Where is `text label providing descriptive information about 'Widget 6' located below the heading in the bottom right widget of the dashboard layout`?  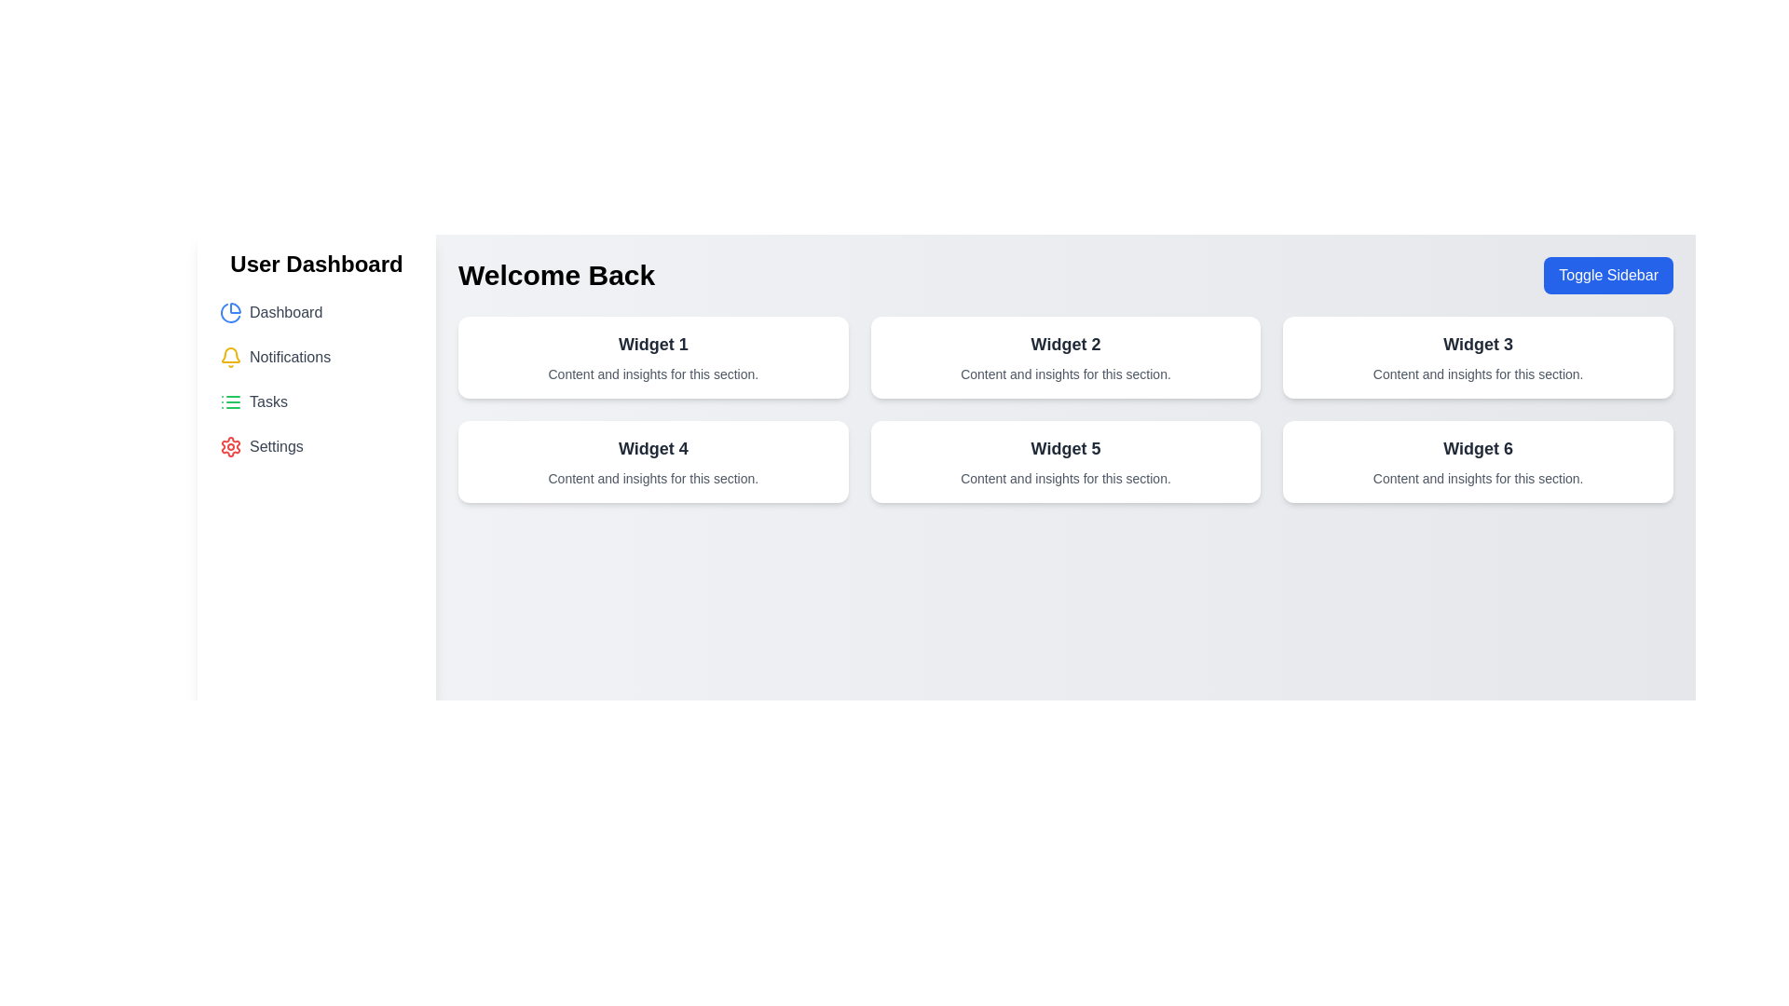 text label providing descriptive information about 'Widget 6' located below the heading in the bottom right widget of the dashboard layout is located at coordinates (1477, 477).